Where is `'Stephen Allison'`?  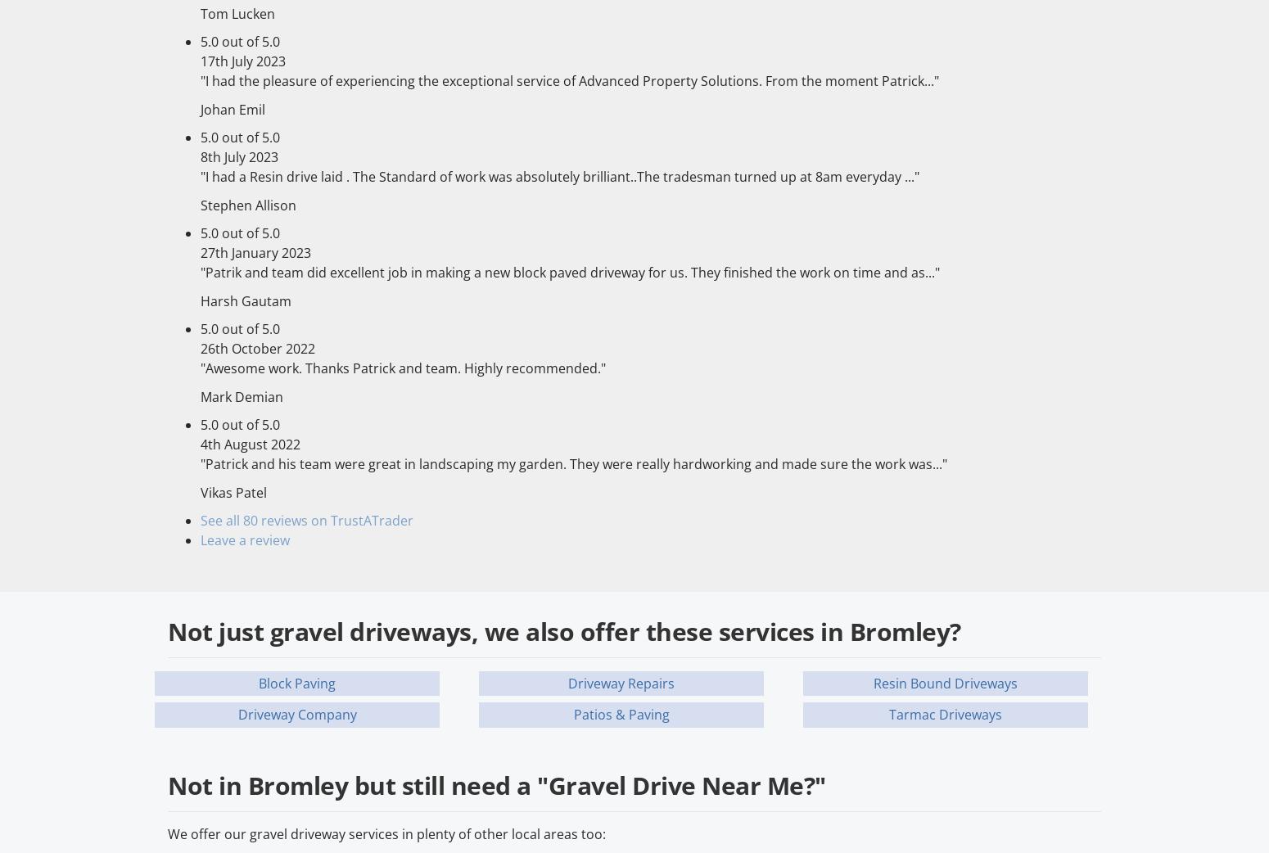 'Stephen Allison' is located at coordinates (248, 203).